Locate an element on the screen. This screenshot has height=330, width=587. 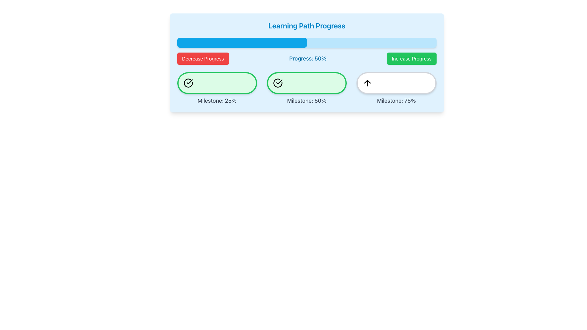
the text label indicating the 50% milestone, which is centrally located below a light green box with a checkmark icon, part of a row of milestone indicators is located at coordinates (307, 101).